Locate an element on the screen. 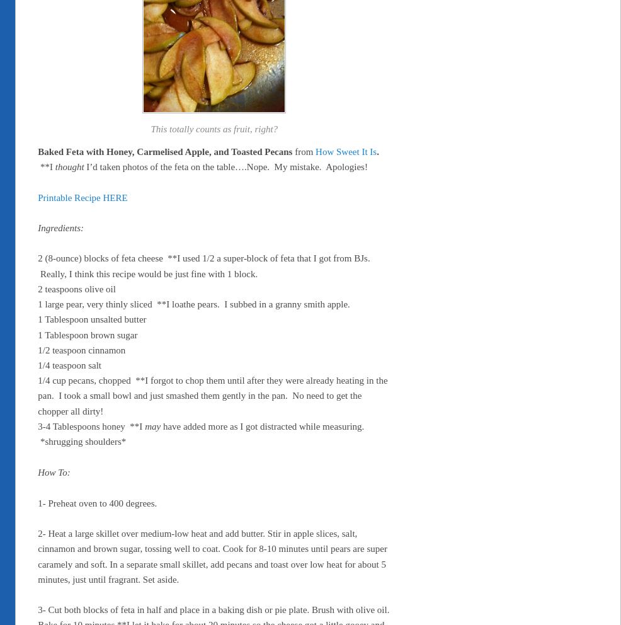 This screenshot has width=621, height=625. 'How Sweet It Is' is located at coordinates (345, 151).